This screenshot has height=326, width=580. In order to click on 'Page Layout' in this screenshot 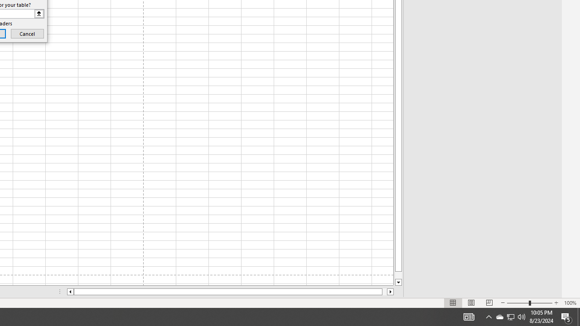, I will do `click(471, 303)`.